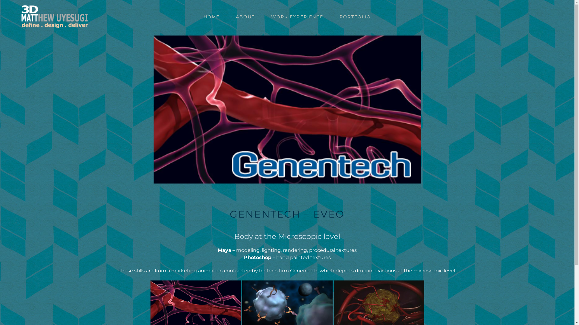  What do you see at coordinates (245, 17) in the screenshot?
I see `'ABOUT'` at bounding box center [245, 17].